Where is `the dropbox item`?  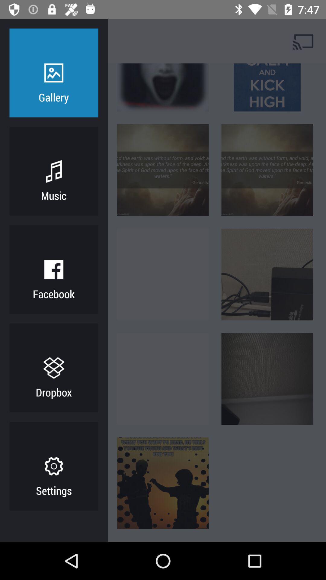
the dropbox item is located at coordinates (53, 392).